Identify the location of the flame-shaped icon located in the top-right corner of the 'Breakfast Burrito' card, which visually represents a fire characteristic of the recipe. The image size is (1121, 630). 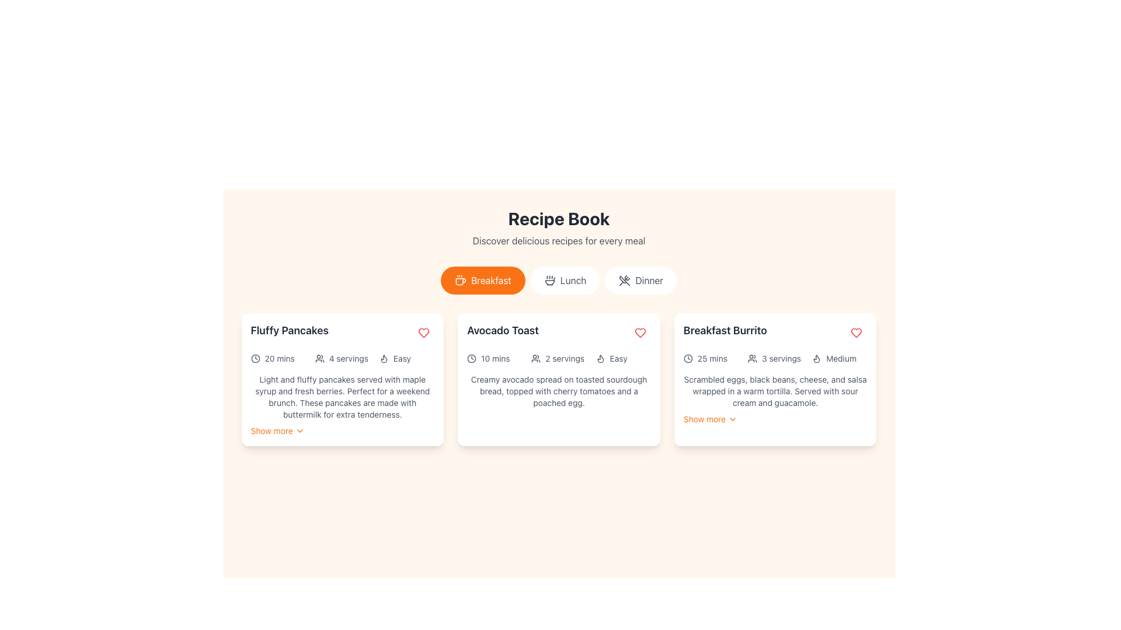
(816, 358).